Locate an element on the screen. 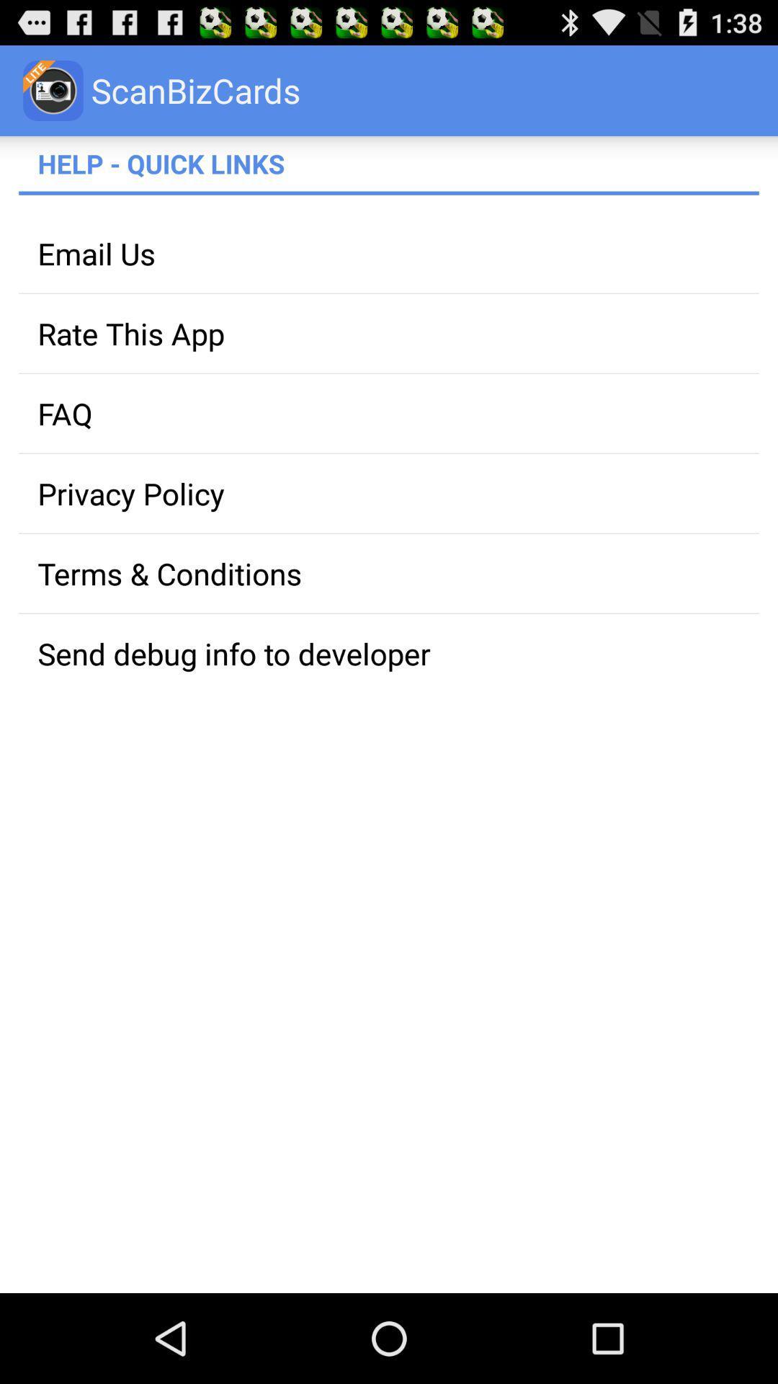 This screenshot has height=1384, width=778. the privacy policy app is located at coordinates (389, 493).